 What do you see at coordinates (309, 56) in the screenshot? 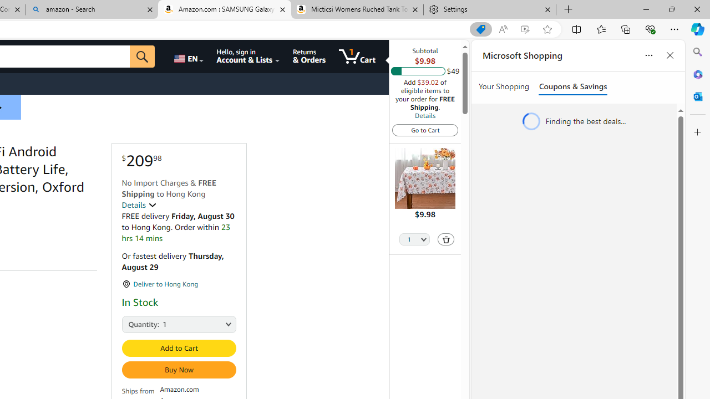
I see `'Returns & Orders'` at bounding box center [309, 56].